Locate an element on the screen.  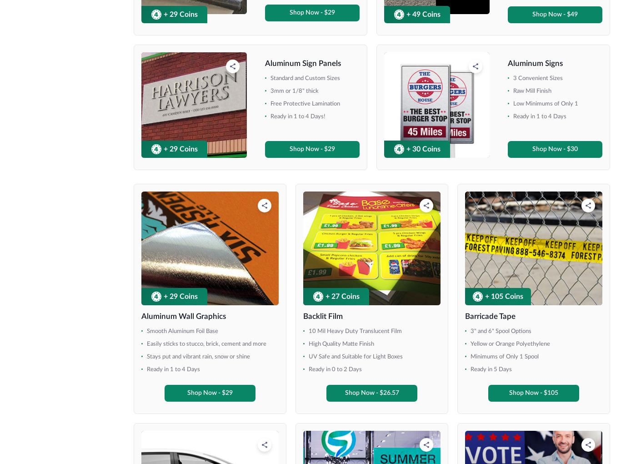
'20" x 30"' is located at coordinates (37, 156).